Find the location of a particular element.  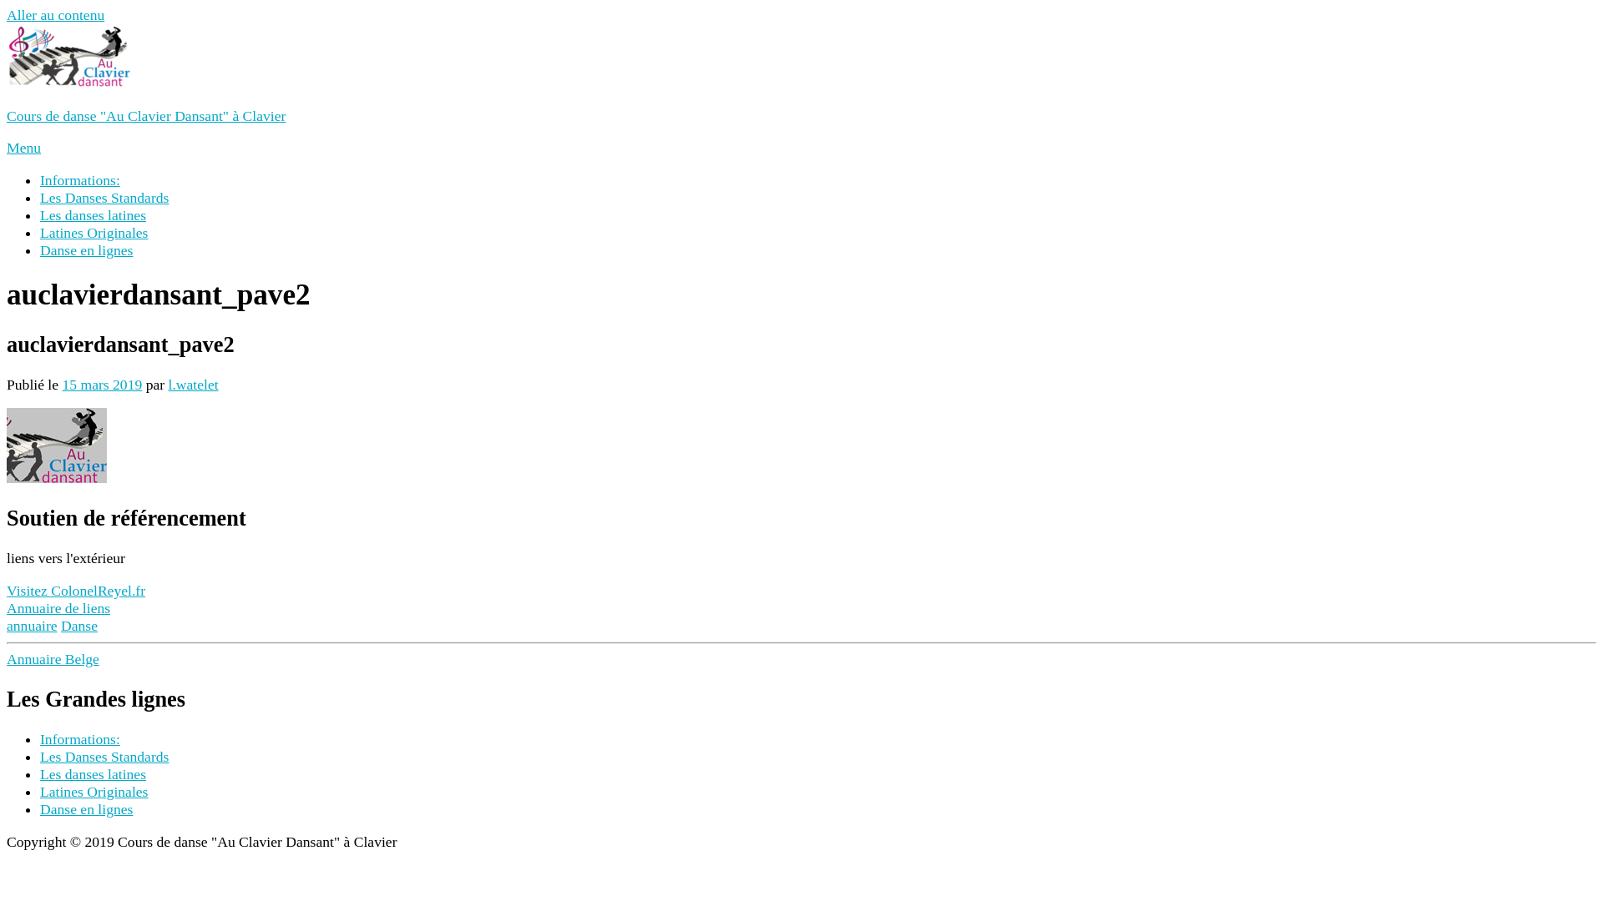

'Menu' is located at coordinates (23, 147).